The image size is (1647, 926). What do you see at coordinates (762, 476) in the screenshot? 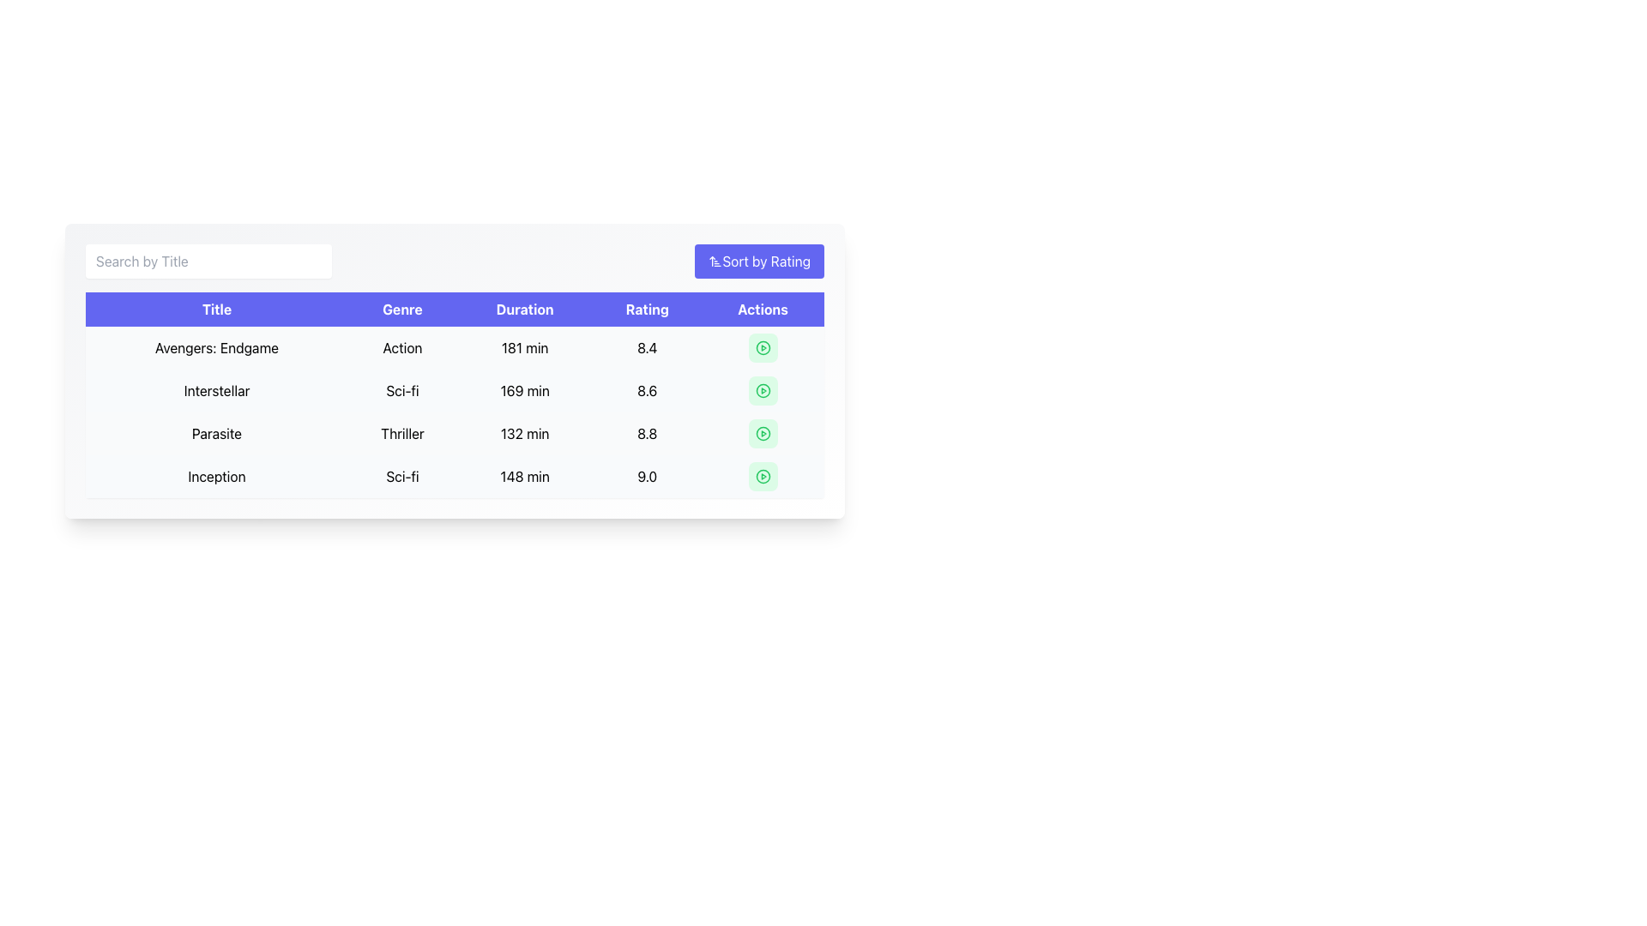
I see `the circular sub-component of the play button icon with a green border and red fill in the 'Actions' column corresponding to the movie 'Inception'` at bounding box center [762, 476].